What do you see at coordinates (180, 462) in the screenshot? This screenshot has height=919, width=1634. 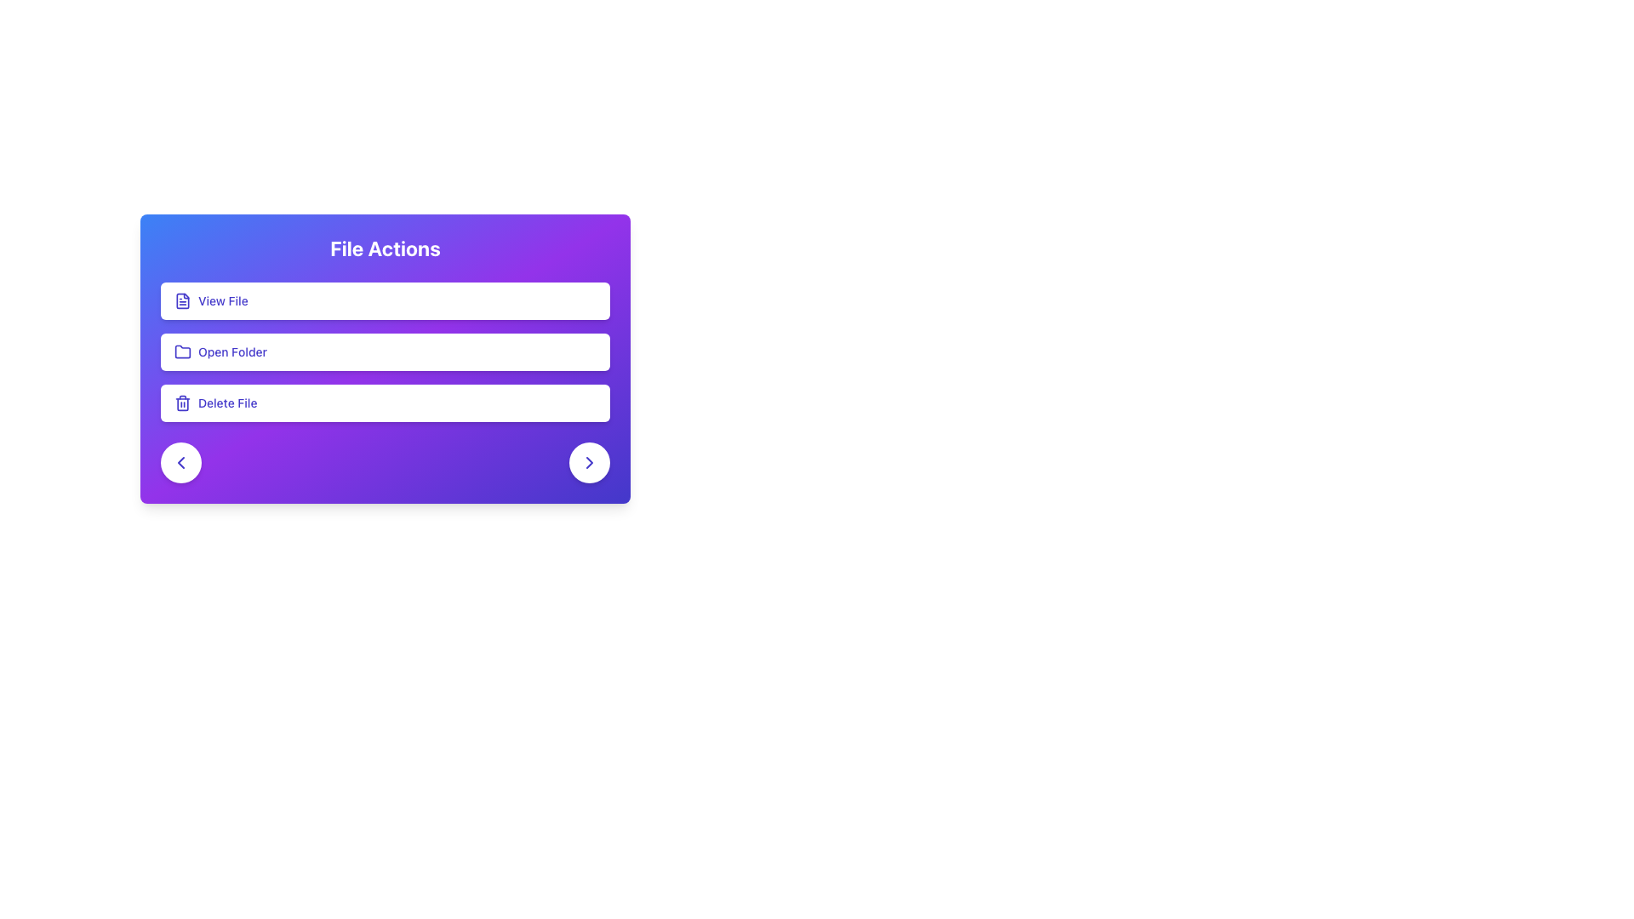 I see `the navigation icon located in the bottom-left corner of the card with a gradient purple background titled 'File Actions'` at bounding box center [180, 462].